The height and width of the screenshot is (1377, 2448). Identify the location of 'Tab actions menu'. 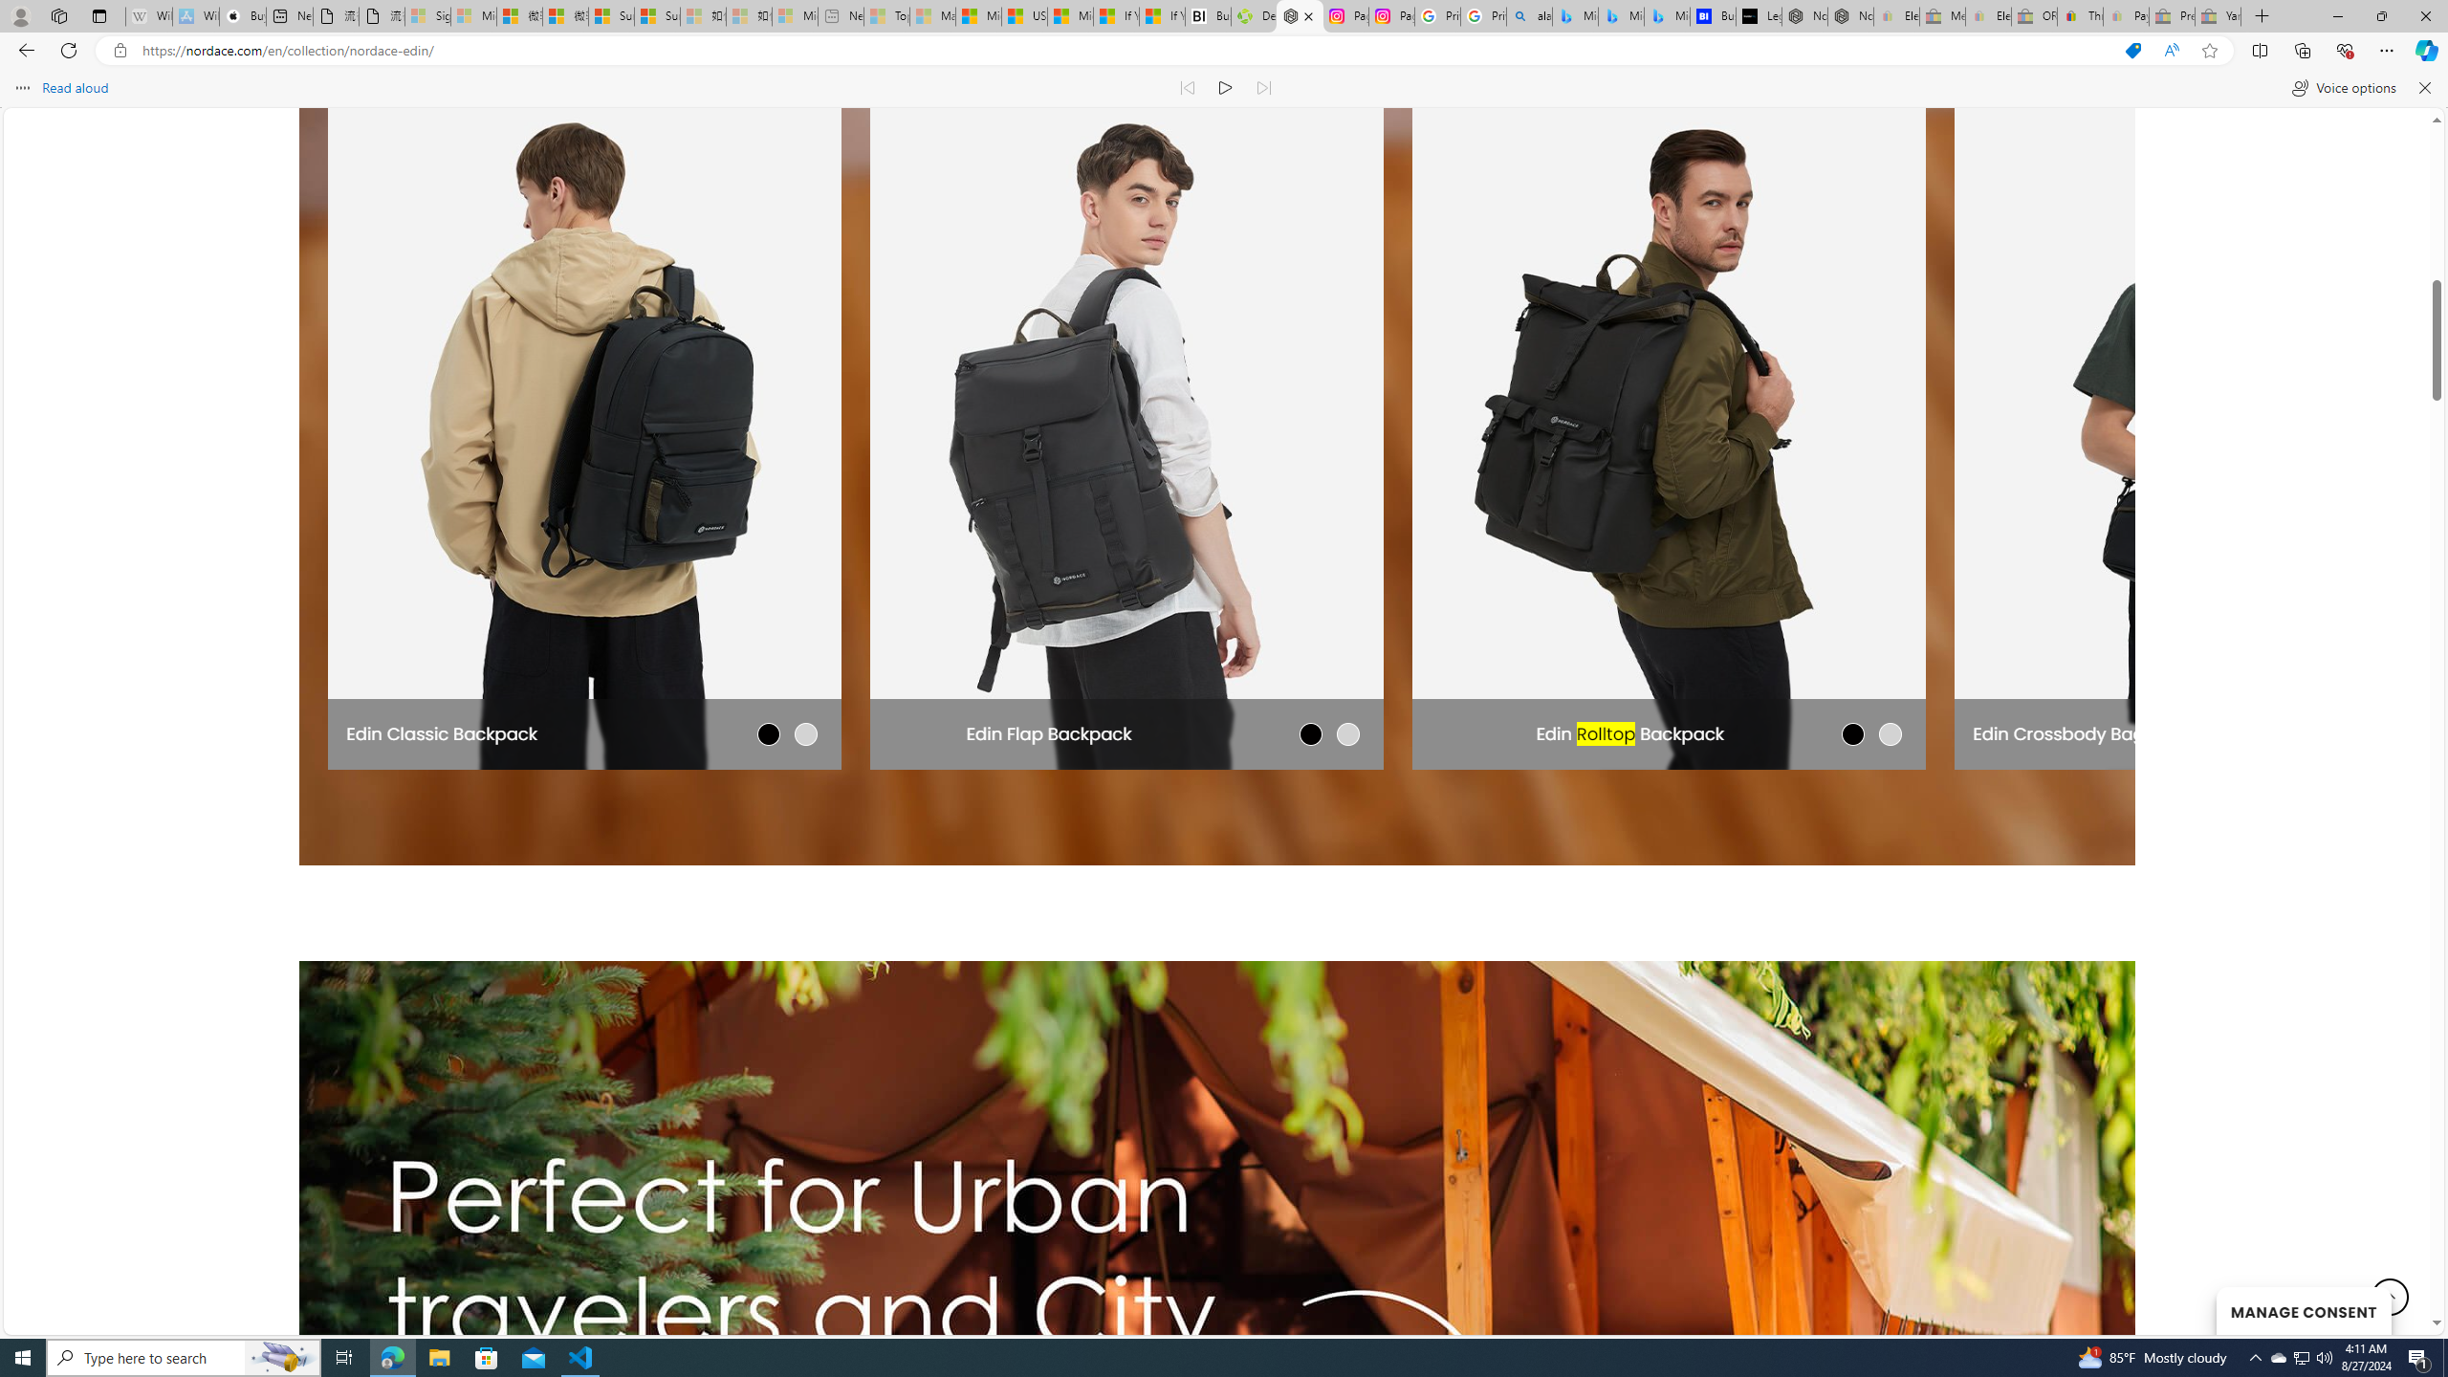
(98, 15).